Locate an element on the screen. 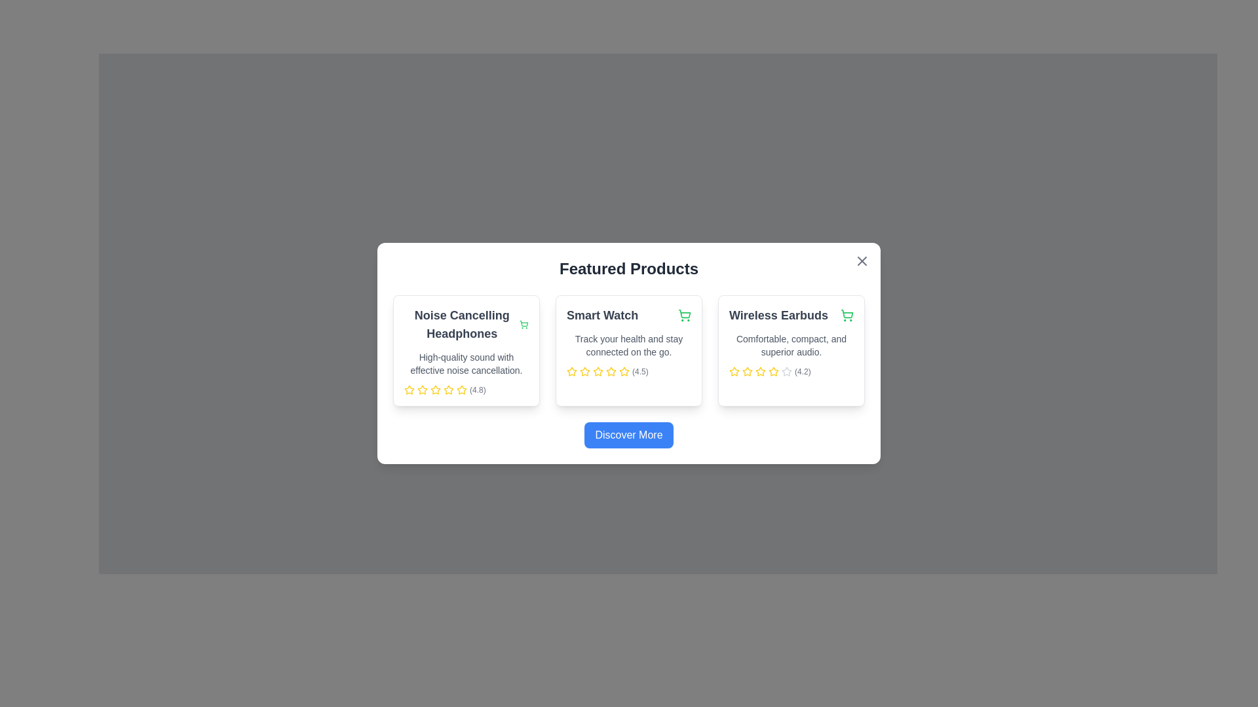 The height and width of the screenshot is (707, 1258). text block styled in small gray font that says 'Track your health and stay connected on the go.' located in the second card under the title 'Smart Watch' is located at coordinates (629, 345).